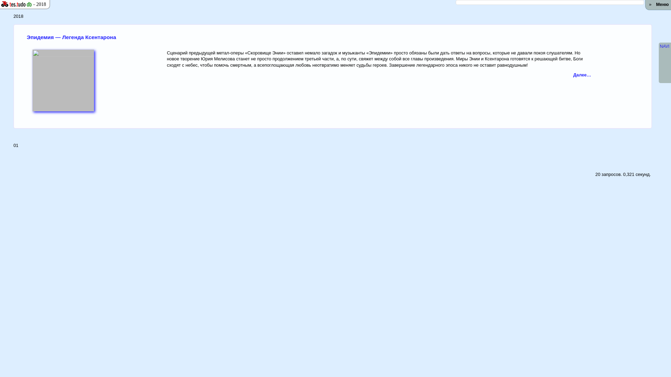 This screenshot has width=671, height=377. I want to click on 'Tes.tudo db', so click(14, 4).